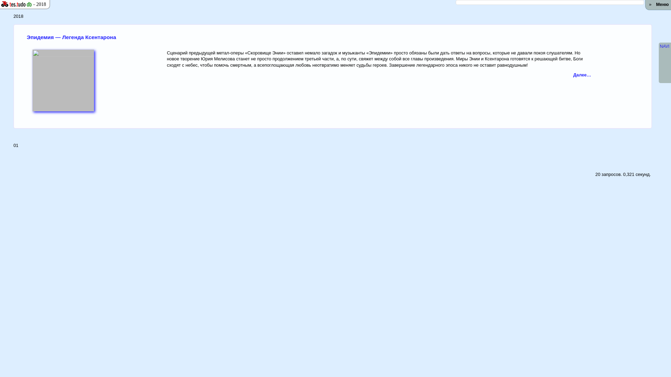 This screenshot has width=671, height=377. I want to click on 'Tes.tudo db', so click(14, 4).